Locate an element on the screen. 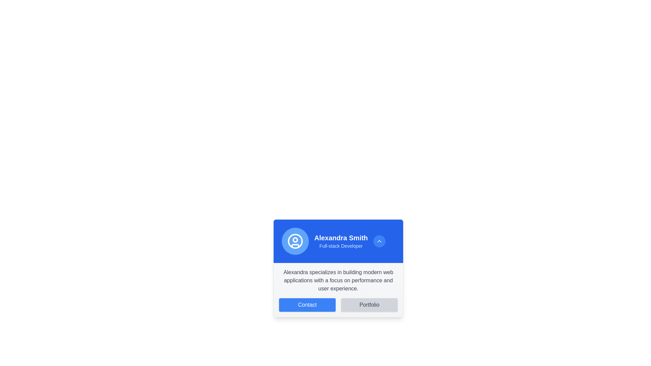 Image resolution: width=651 pixels, height=366 pixels. the name in the blue card header is located at coordinates (338, 241).